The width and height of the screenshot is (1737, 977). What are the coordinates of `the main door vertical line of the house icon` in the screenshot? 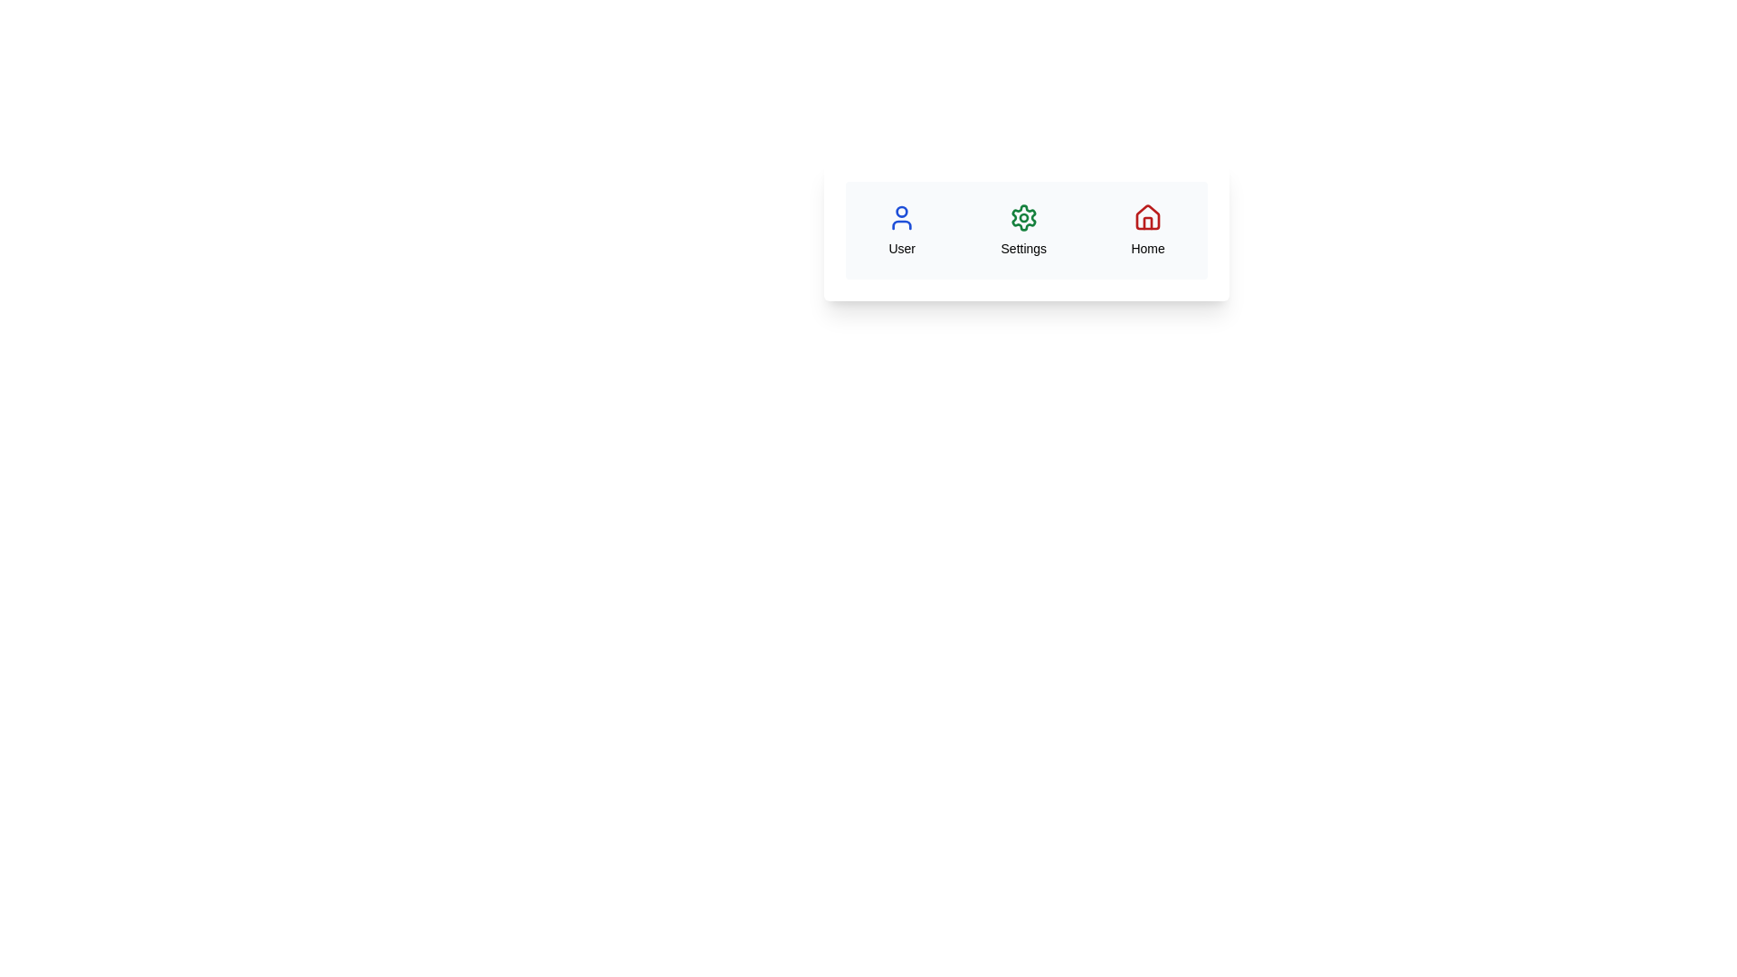 It's located at (1147, 222).